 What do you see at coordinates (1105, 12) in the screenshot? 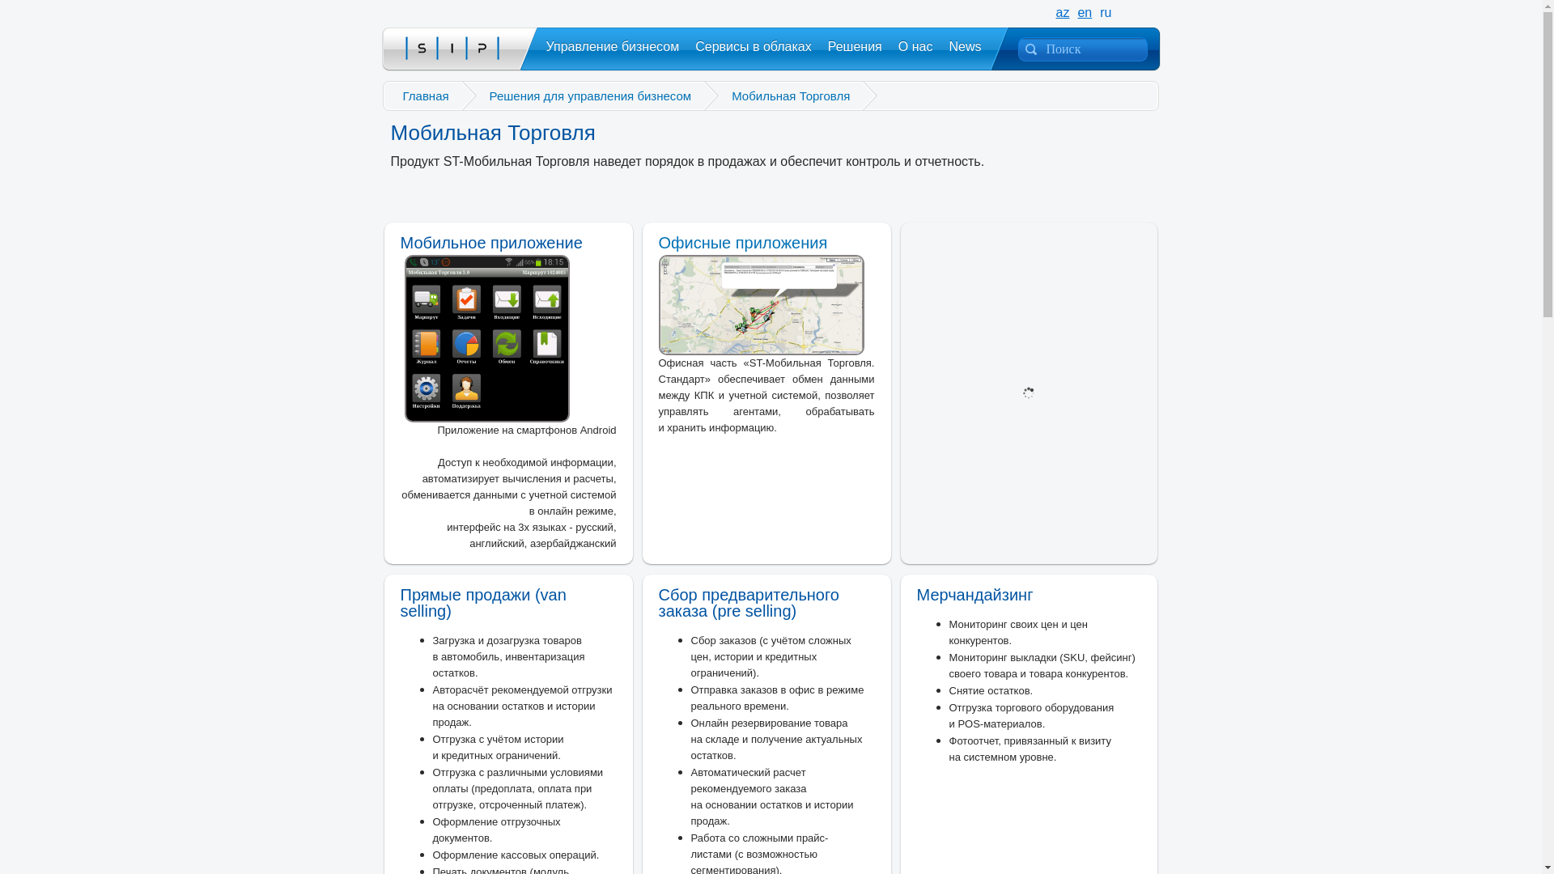
I see `'ru'` at bounding box center [1105, 12].